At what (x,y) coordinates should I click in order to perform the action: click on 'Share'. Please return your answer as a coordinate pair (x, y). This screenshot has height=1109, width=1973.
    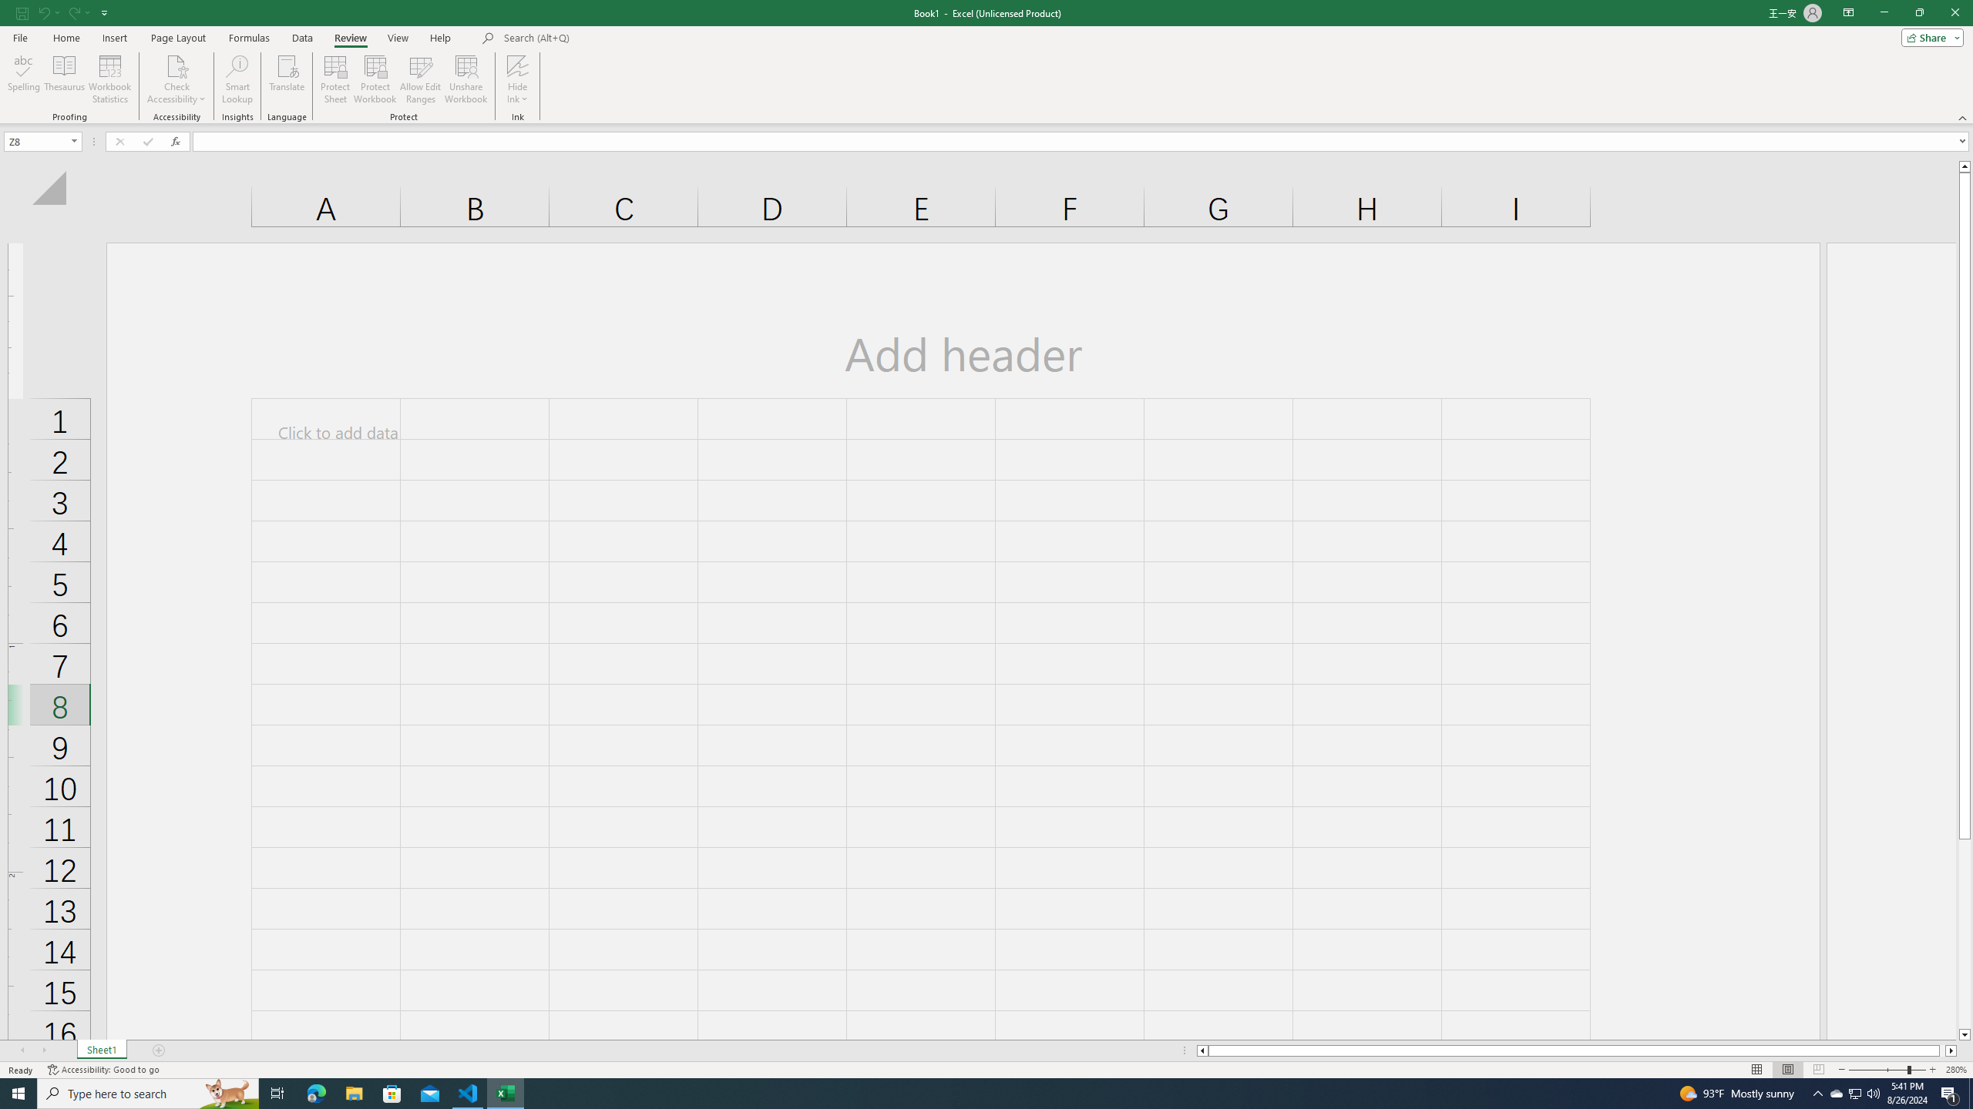
    Looking at the image, I should click on (1928, 36).